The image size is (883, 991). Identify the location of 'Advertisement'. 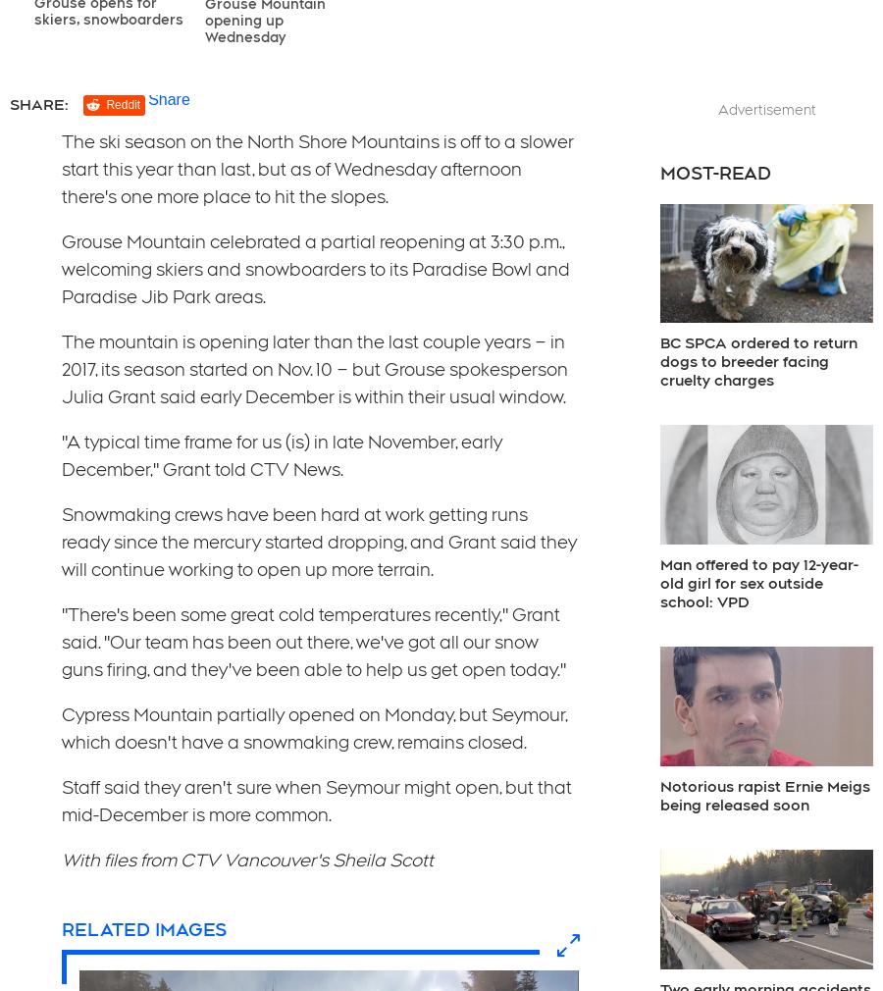
(715, 107).